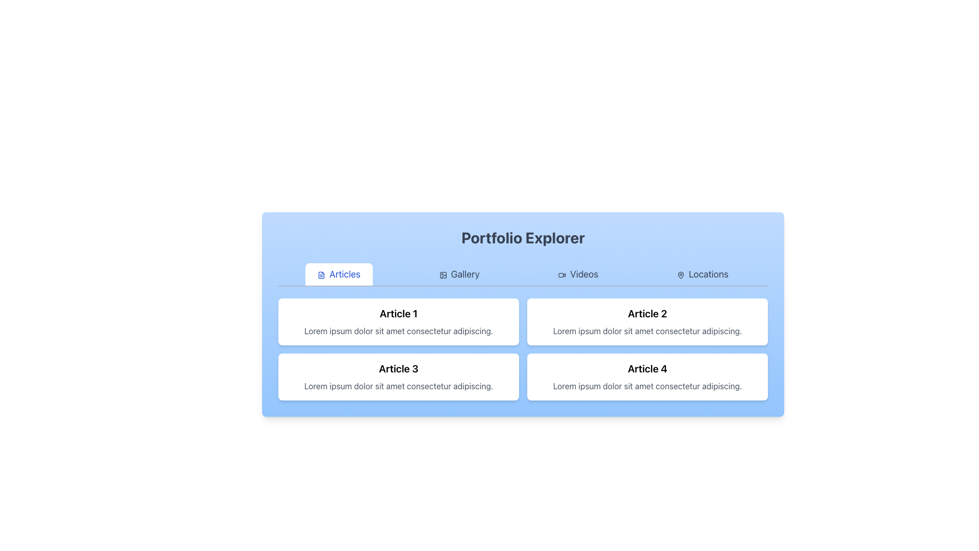  What do you see at coordinates (647, 377) in the screenshot?
I see `the card or tile displaying the article's title and description, located in the second column of the second row under the 'Portfolio Explorer' heading within the 'Articles' tab` at bounding box center [647, 377].